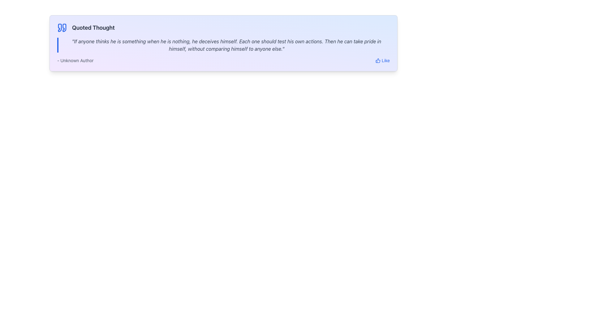 The image size is (594, 334). Describe the element at coordinates (62, 27) in the screenshot. I see `the decorative quotation icon located to the left of the heading 'Quoted Thought'` at that location.